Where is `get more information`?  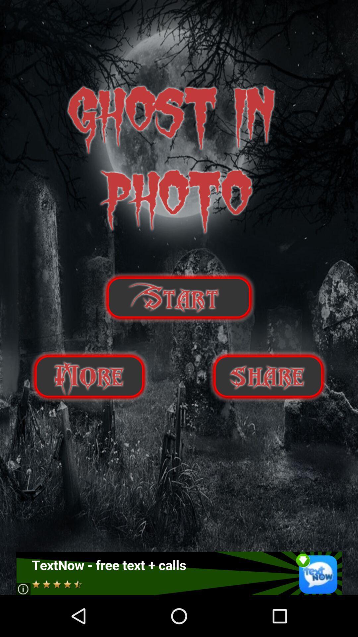
get more information is located at coordinates (89, 376).